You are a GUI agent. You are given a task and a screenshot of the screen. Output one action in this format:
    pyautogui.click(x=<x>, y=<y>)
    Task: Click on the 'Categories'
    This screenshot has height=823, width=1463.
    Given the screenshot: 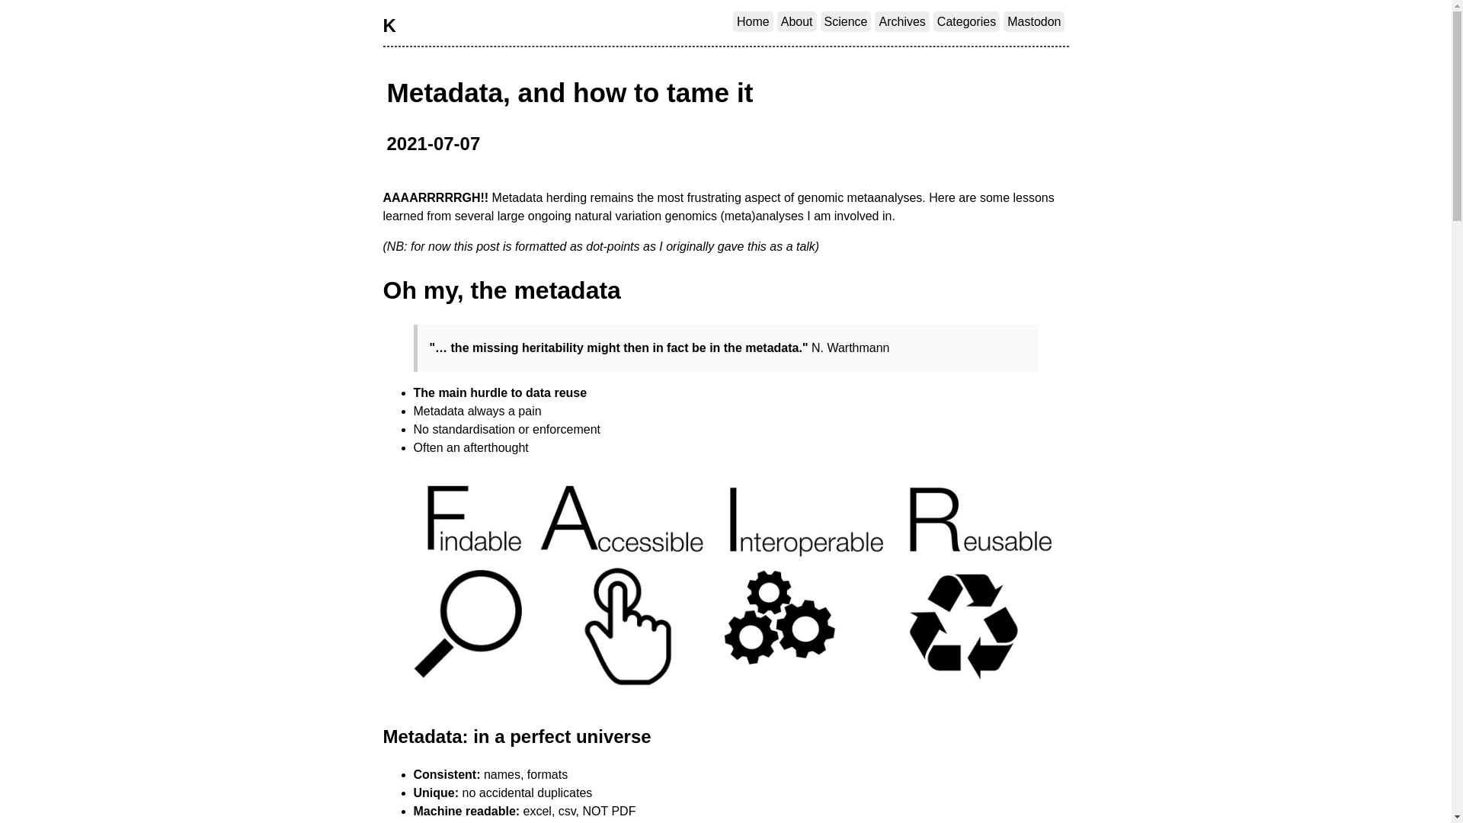 What is the action you would take?
    pyautogui.click(x=932, y=21)
    